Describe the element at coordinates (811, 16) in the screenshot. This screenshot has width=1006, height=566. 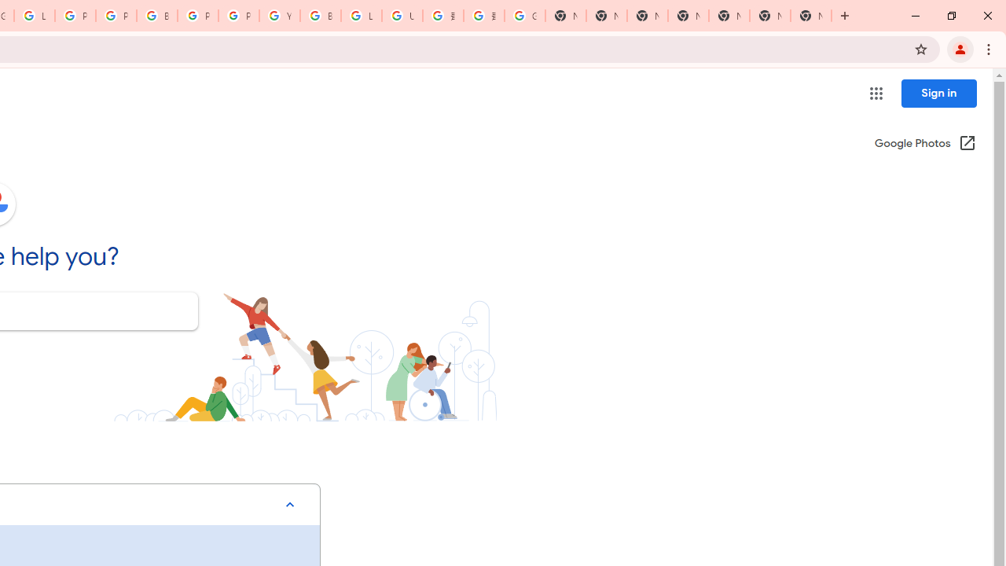
I see `'New Tab'` at that location.